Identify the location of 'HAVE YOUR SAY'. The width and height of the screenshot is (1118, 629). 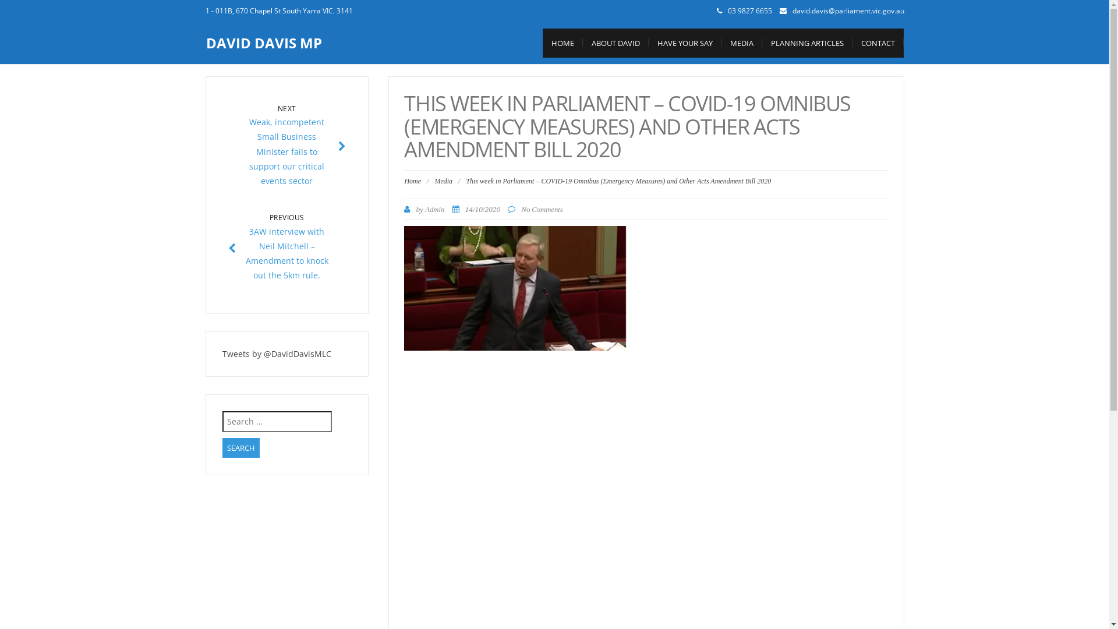
(685, 42).